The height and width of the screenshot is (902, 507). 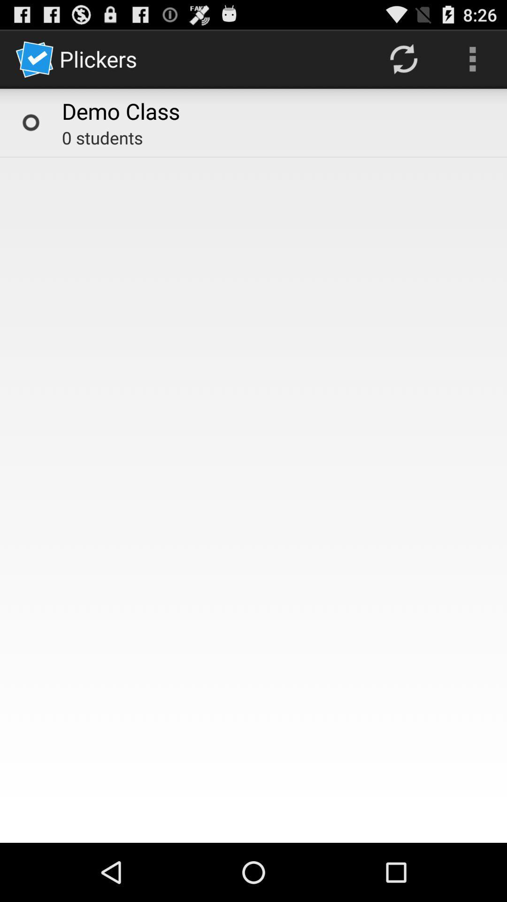 What do you see at coordinates (30, 122) in the screenshot?
I see `app to the left of demo class icon` at bounding box center [30, 122].